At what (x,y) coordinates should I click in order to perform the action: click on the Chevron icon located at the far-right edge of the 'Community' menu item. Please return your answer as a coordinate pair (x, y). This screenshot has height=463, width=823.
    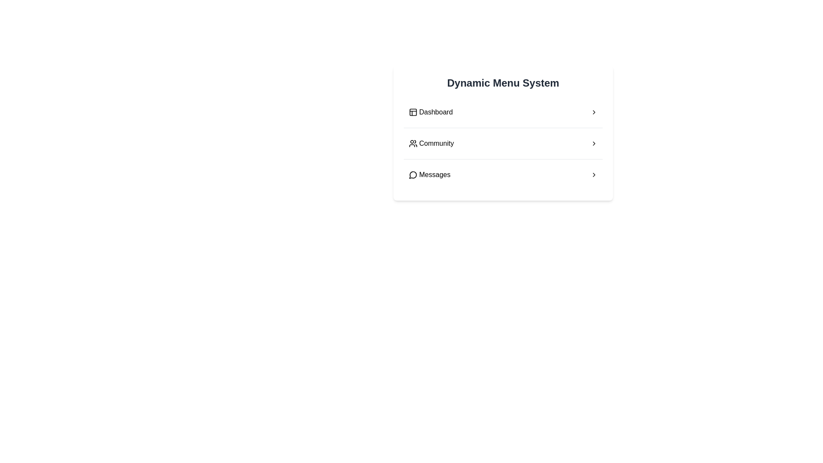
    Looking at the image, I should click on (594, 143).